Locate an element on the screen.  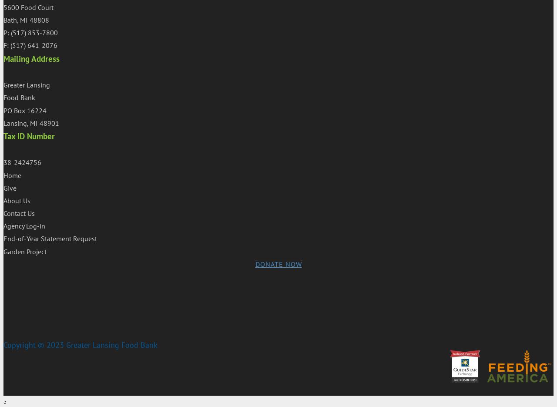
'Bath, MI 48808' is located at coordinates (3, 20).